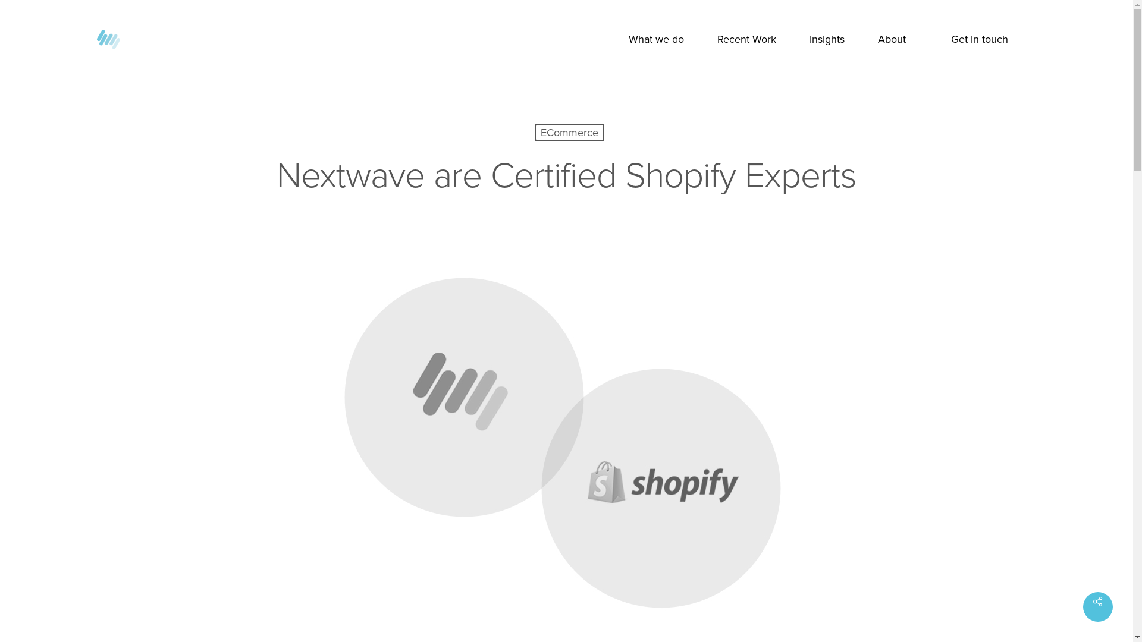 Image resolution: width=1142 pixels, height=642 pixels. Describe the element at coordinates (979, 39) in the screenshot. I see `'Get in touch'` at that location.